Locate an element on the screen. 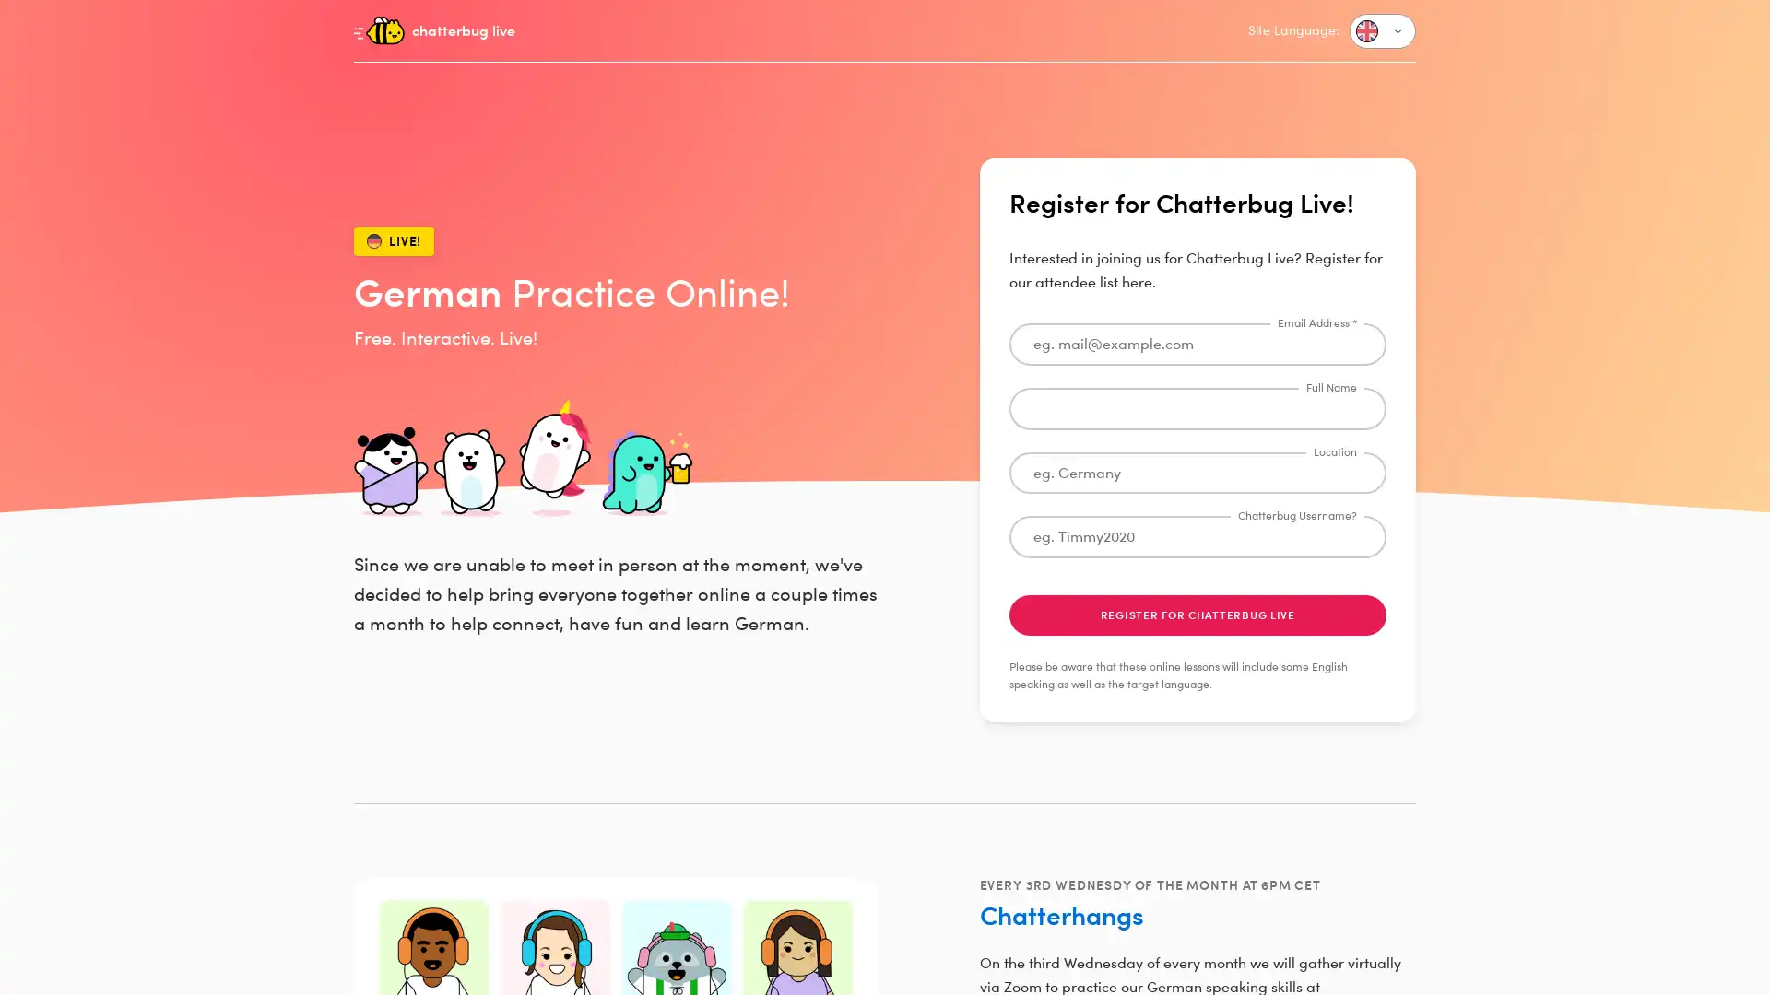  REGISTER FOR CHATTERBUG LIVE is located at coordinates (1198, 615).